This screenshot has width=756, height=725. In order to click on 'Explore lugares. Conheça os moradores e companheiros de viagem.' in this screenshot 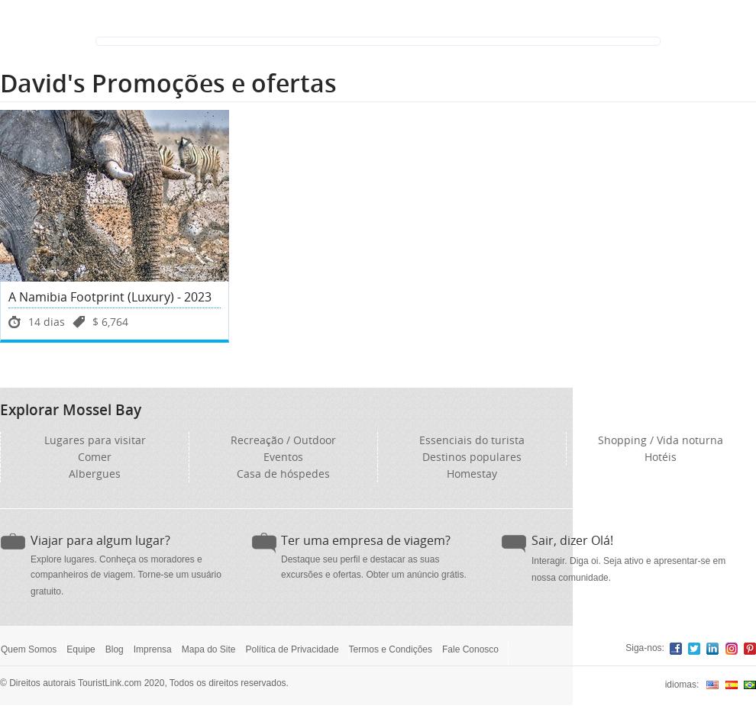, I will do `click(115, 565)`.